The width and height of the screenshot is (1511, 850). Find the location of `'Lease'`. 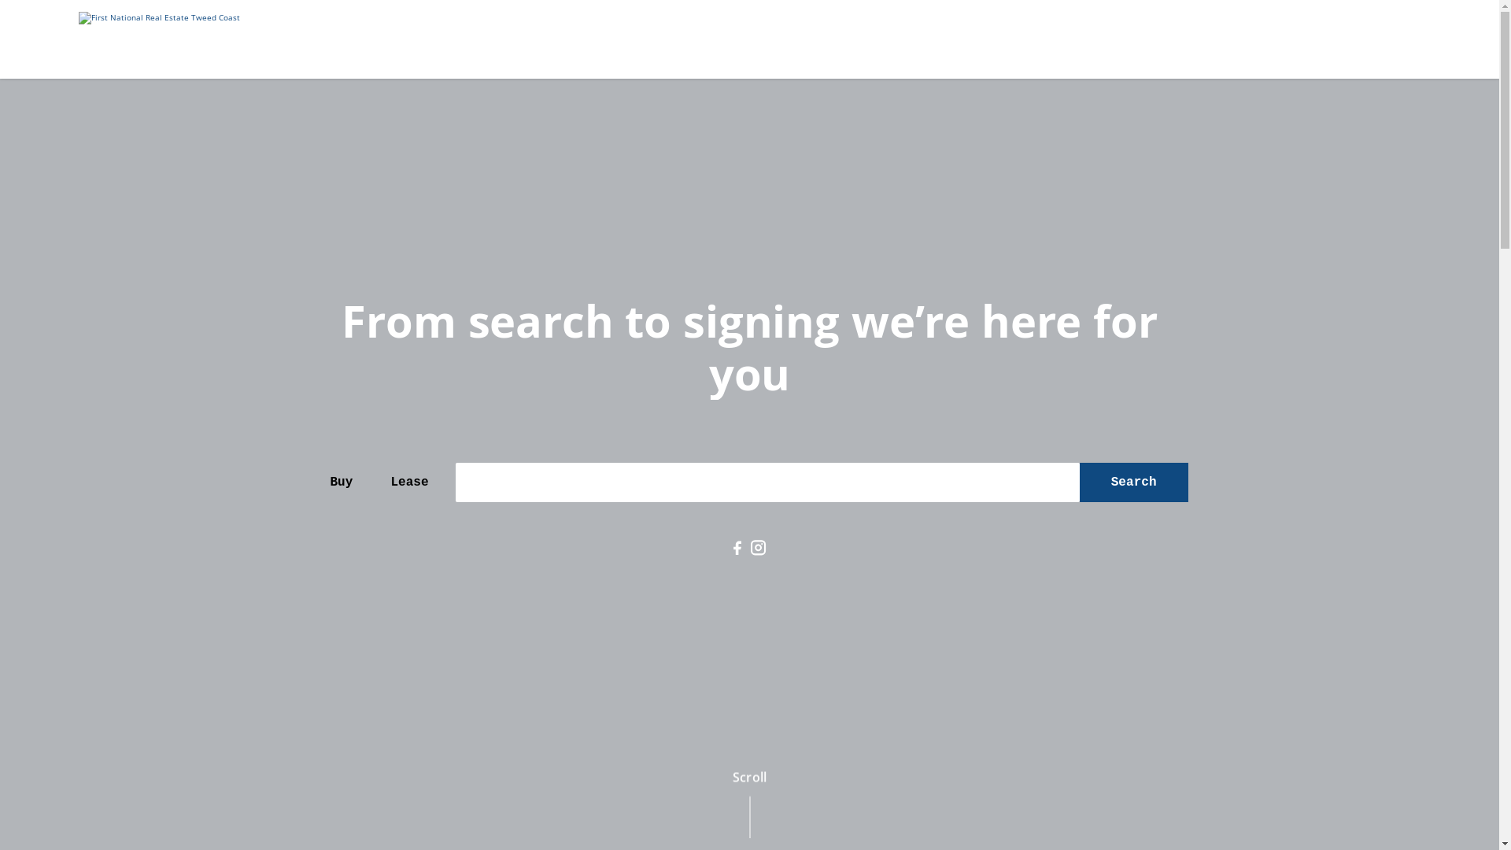

'Lease' is located at coordinates (408, 482).